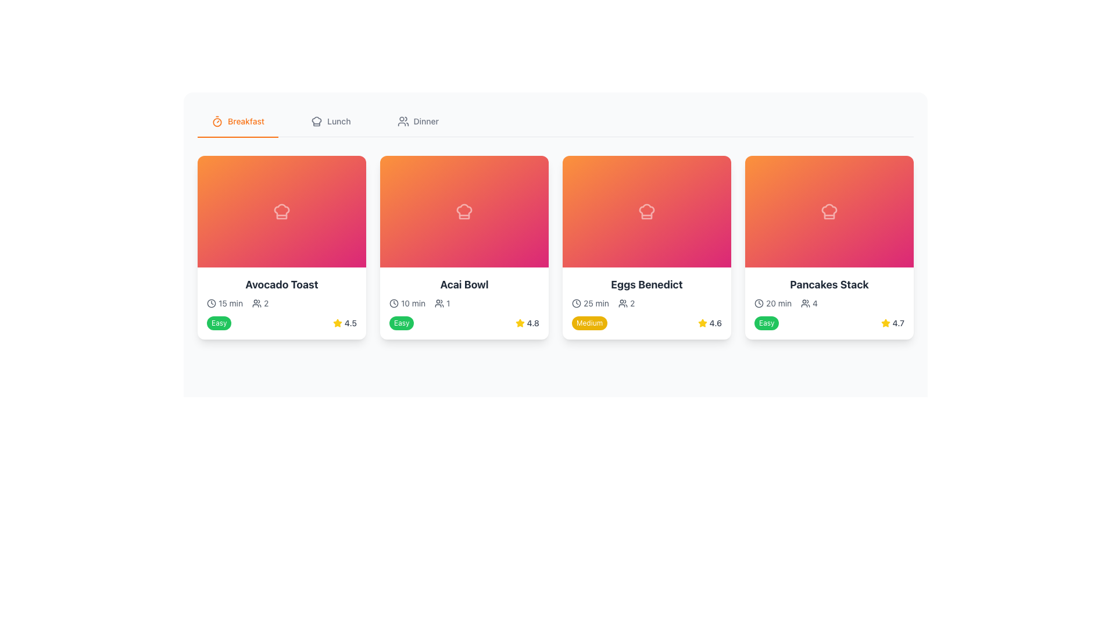 Image resolution: width=1116 pixels, height=628 pixels. I want to click on the circular clock icon with minimalistic outlines, located to the left of the '25 min' text within the 'Eggs Benedict' card, so click(577, 302).